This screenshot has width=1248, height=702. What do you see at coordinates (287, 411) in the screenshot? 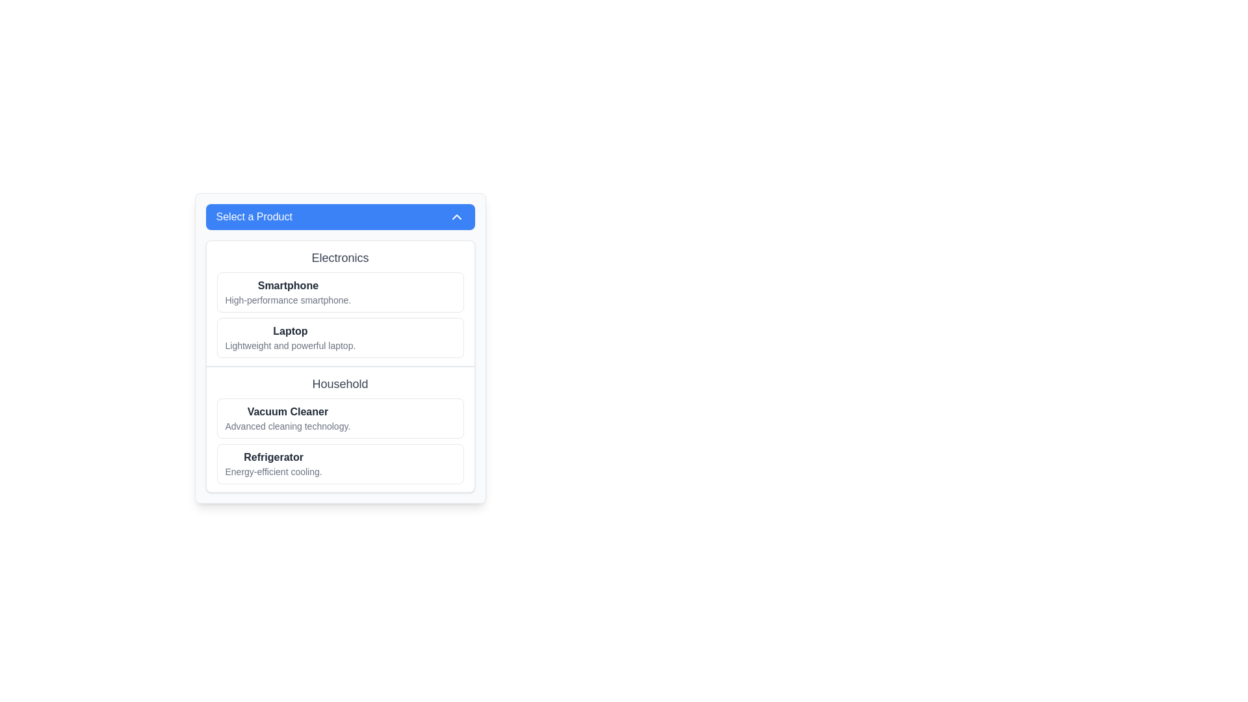
I see `the 'Vacuum Cleaner' title label located under the 'Household' category` at bounding box center [287, 411].